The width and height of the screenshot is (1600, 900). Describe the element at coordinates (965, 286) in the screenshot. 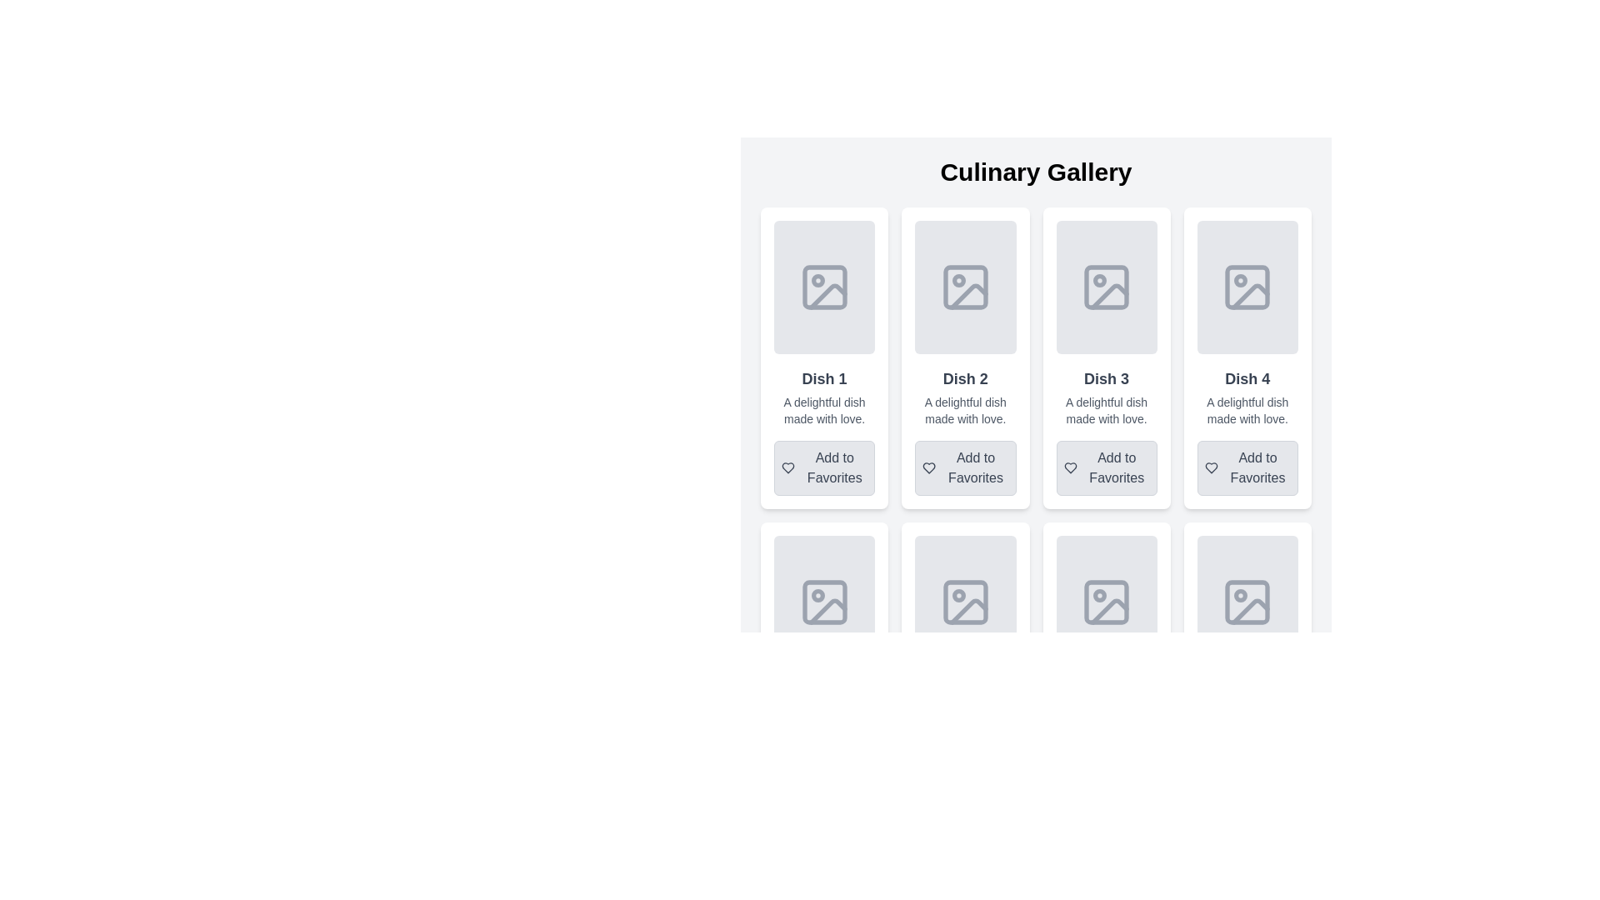

I see `the image placeholder for the card titled 'Dish 2' in the Culinary Gallery section, which is located in the second column and directly above the title text 'Dish 2'` at that location.